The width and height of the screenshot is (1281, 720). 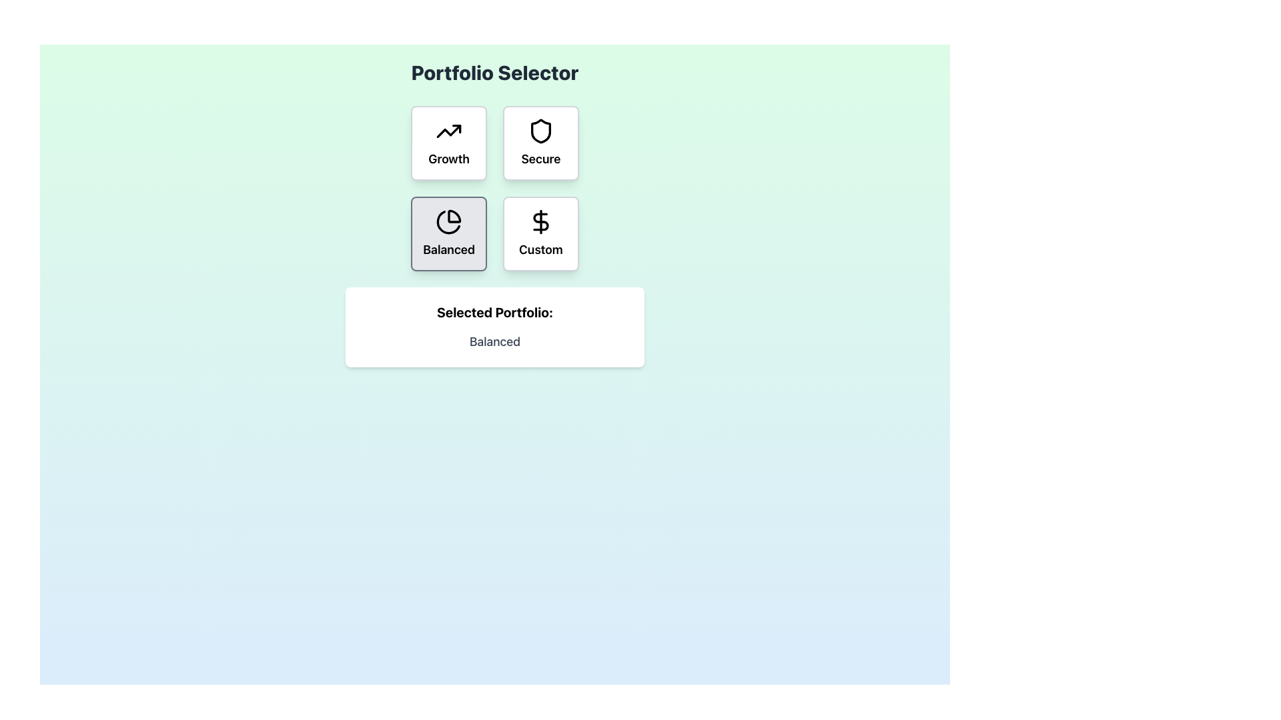 What do you see at coordinates (449, 131) in the screenshot?
I see `the small graphical icon representing positive progression or growth, which is located above the word 'Growth' in the top-left option of a 2x2 grid layout` at bounding box center [449, 131].